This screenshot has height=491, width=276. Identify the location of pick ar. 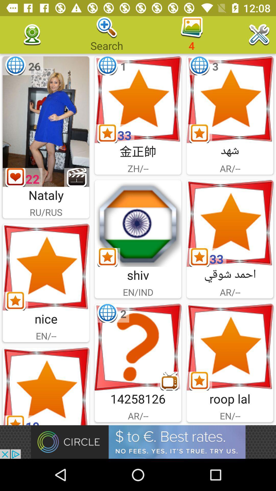
(229, 223).